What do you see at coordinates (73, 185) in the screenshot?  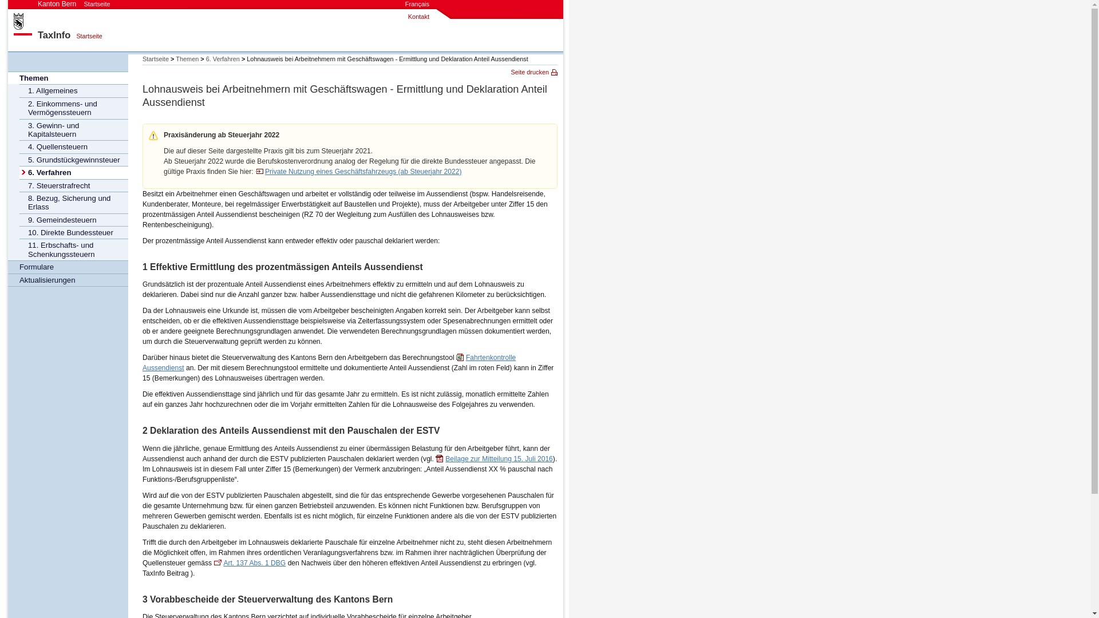 I see `'7. Steuerstrafrecht'` at bounding box center [73, 185].